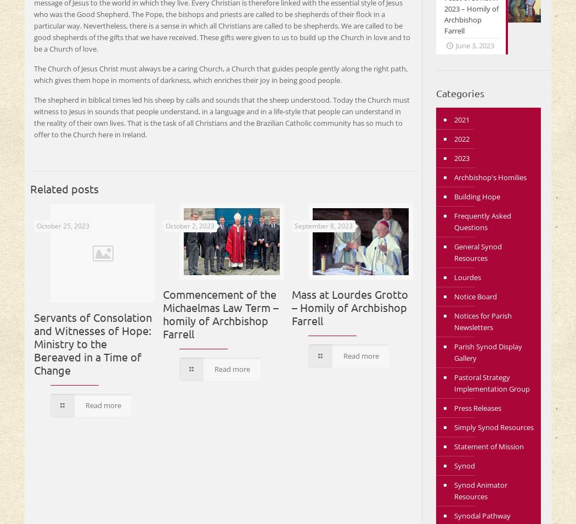 Image resolution: width=576 pixels, height=524 pixels. What do you see at coordinates (93, 343) in the screenshot?
I see `'Servants of Consolation and Witnesses of Hope: Ministry to the Bereaved in a Time of Change'` at bounding box center [93, 343].